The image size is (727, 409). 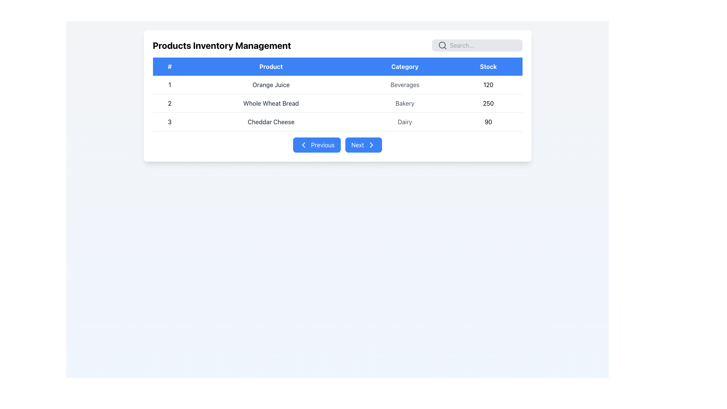 I want to click on to select or interact with the first row of the Products Inventory Management table, which displays details about 'Orange Juice', so click(x=337, y=85).